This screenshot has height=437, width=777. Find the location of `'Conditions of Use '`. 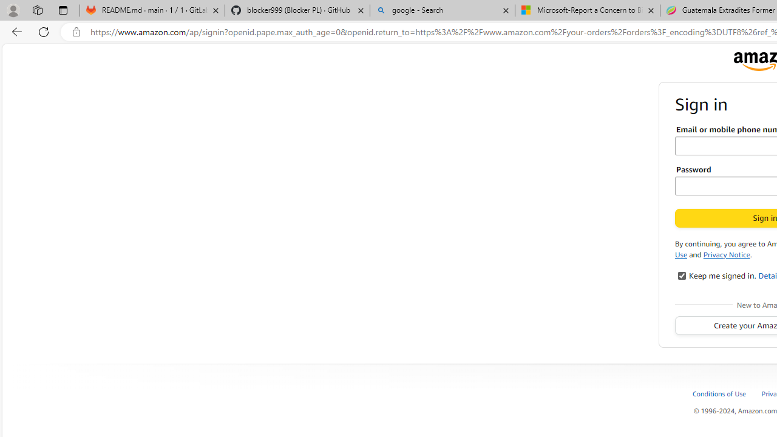

'Conditions of Use ' is located at coordinates (726, 393).